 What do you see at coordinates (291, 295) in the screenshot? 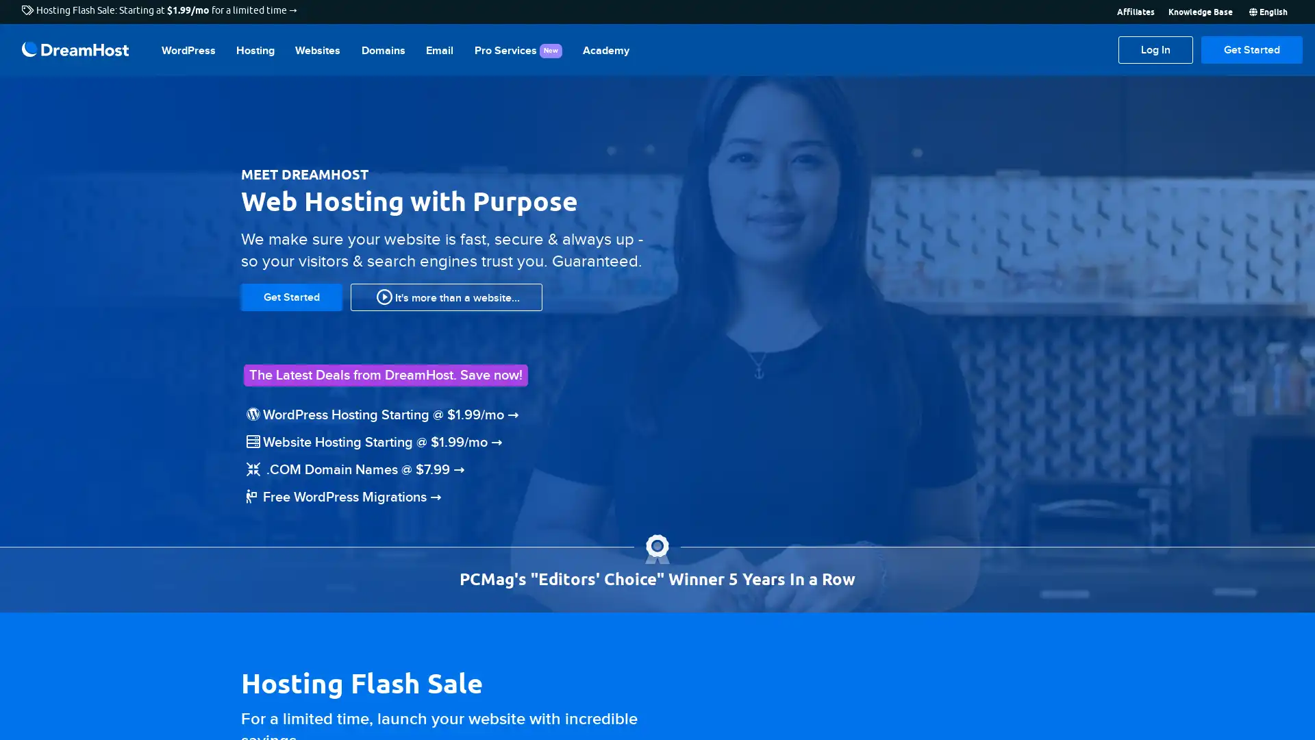
I see `Get Started` at bounding box center [291, 295].